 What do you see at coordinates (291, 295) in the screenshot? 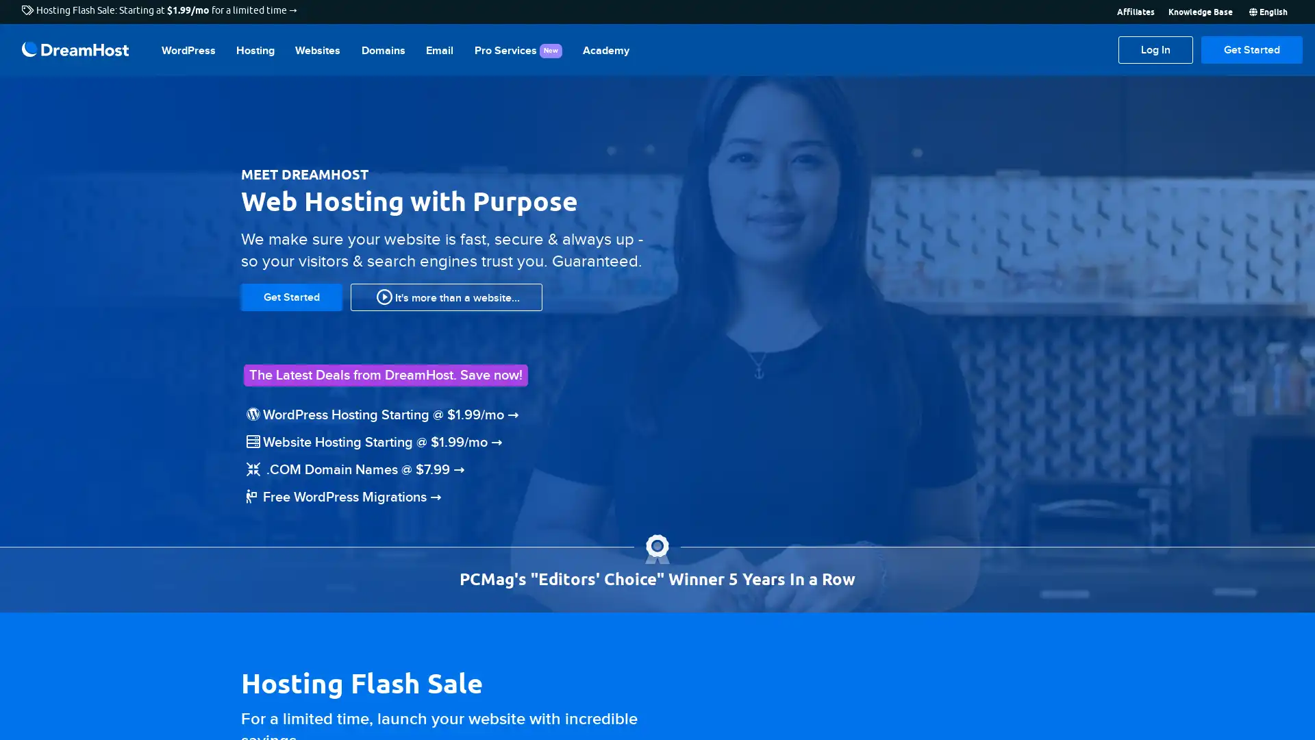
I see `Get Started` at bounding box center [291, 295].